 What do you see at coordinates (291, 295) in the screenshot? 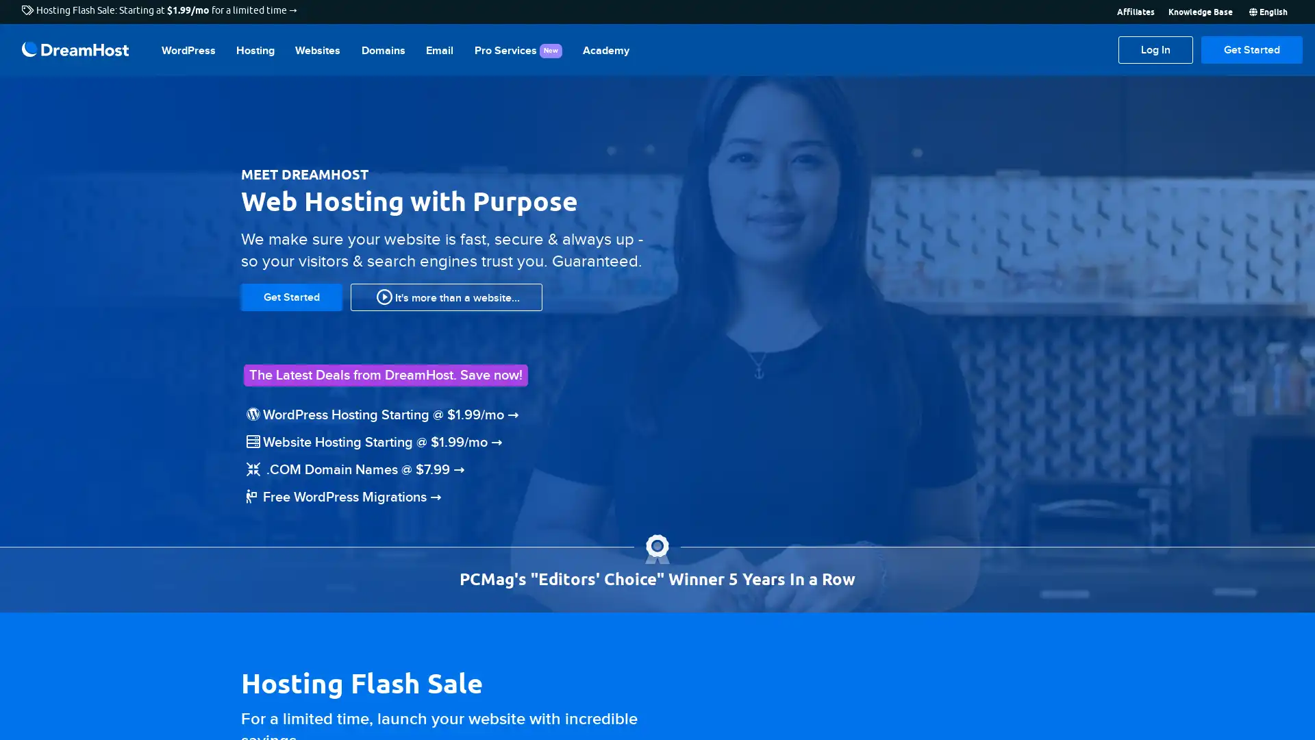
I see `Get Started` at bounding box center [291, 295].